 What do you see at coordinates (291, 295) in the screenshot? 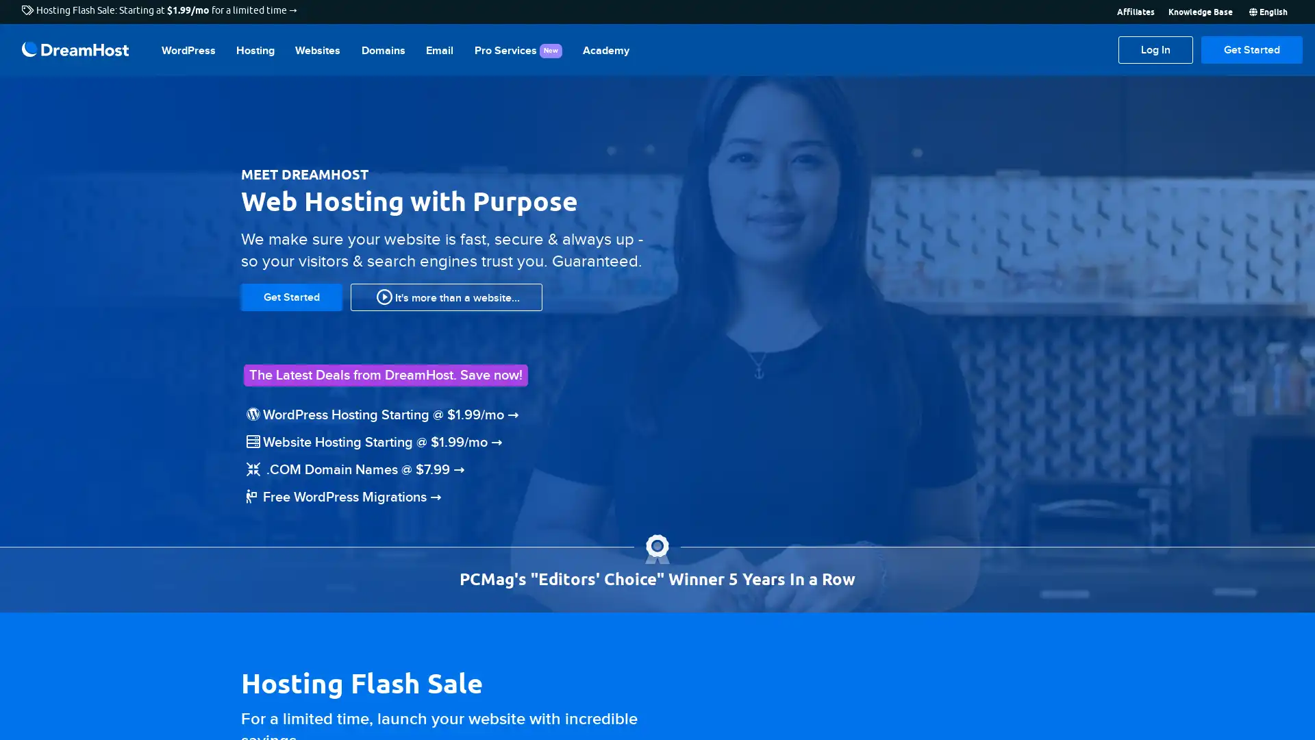
I see `Get Started` at bounding box center [291, 295].